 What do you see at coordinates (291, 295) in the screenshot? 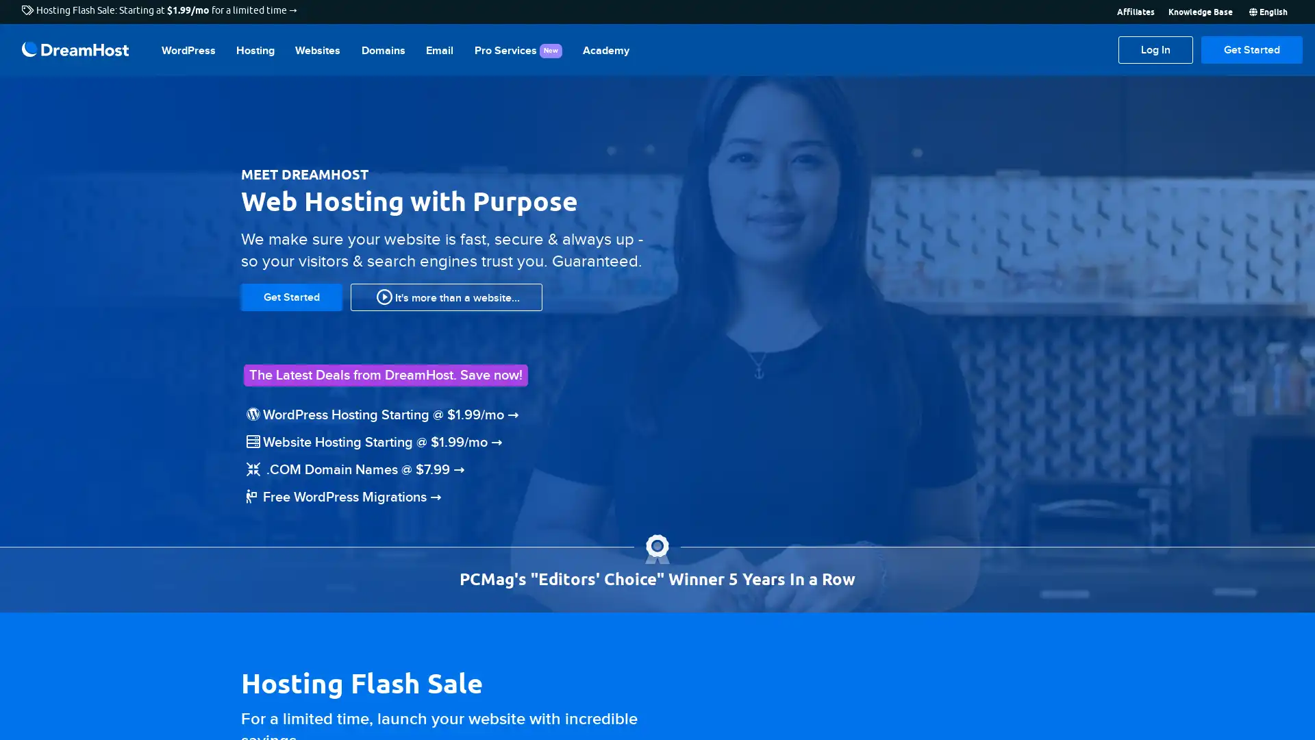
I see `Get Started` at bounding box center [291, 295].